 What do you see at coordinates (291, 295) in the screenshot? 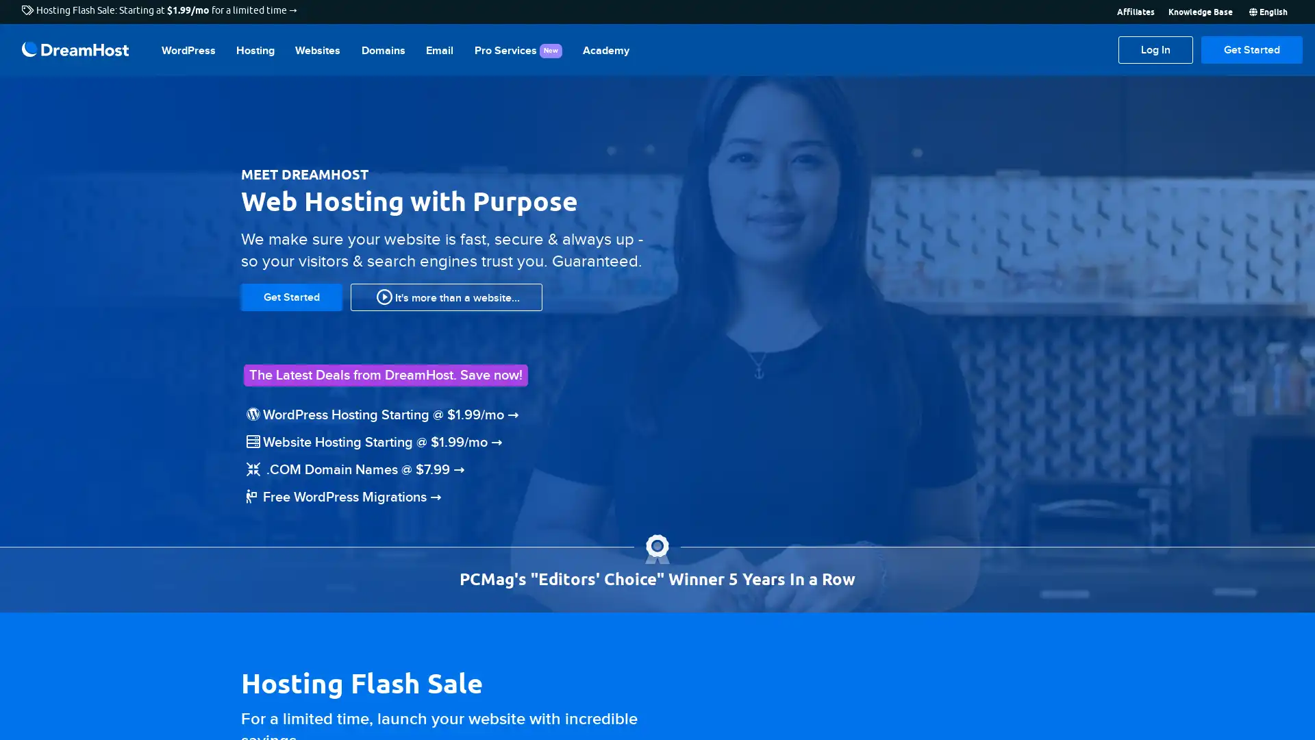
I see `Get Started` at bounding box center [291, 295].